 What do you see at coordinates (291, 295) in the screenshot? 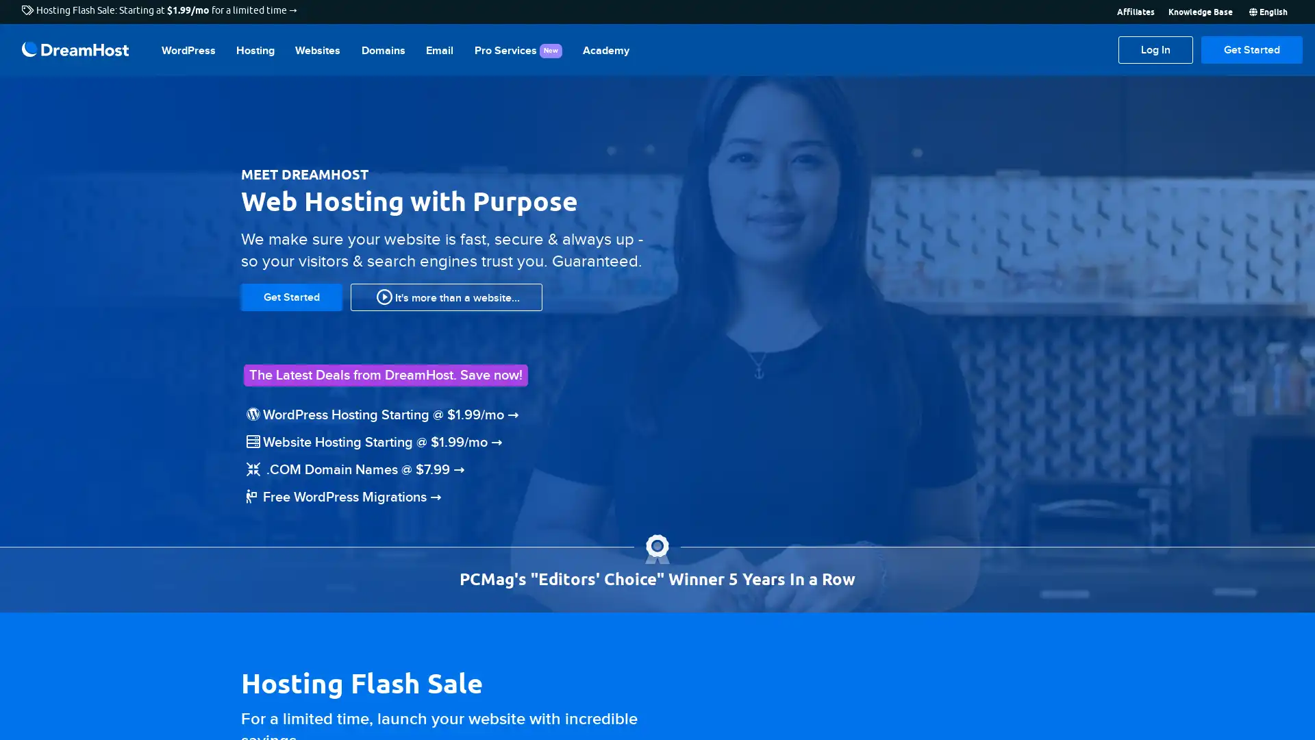
I see `Get Started` at bounding box center [291, 295].